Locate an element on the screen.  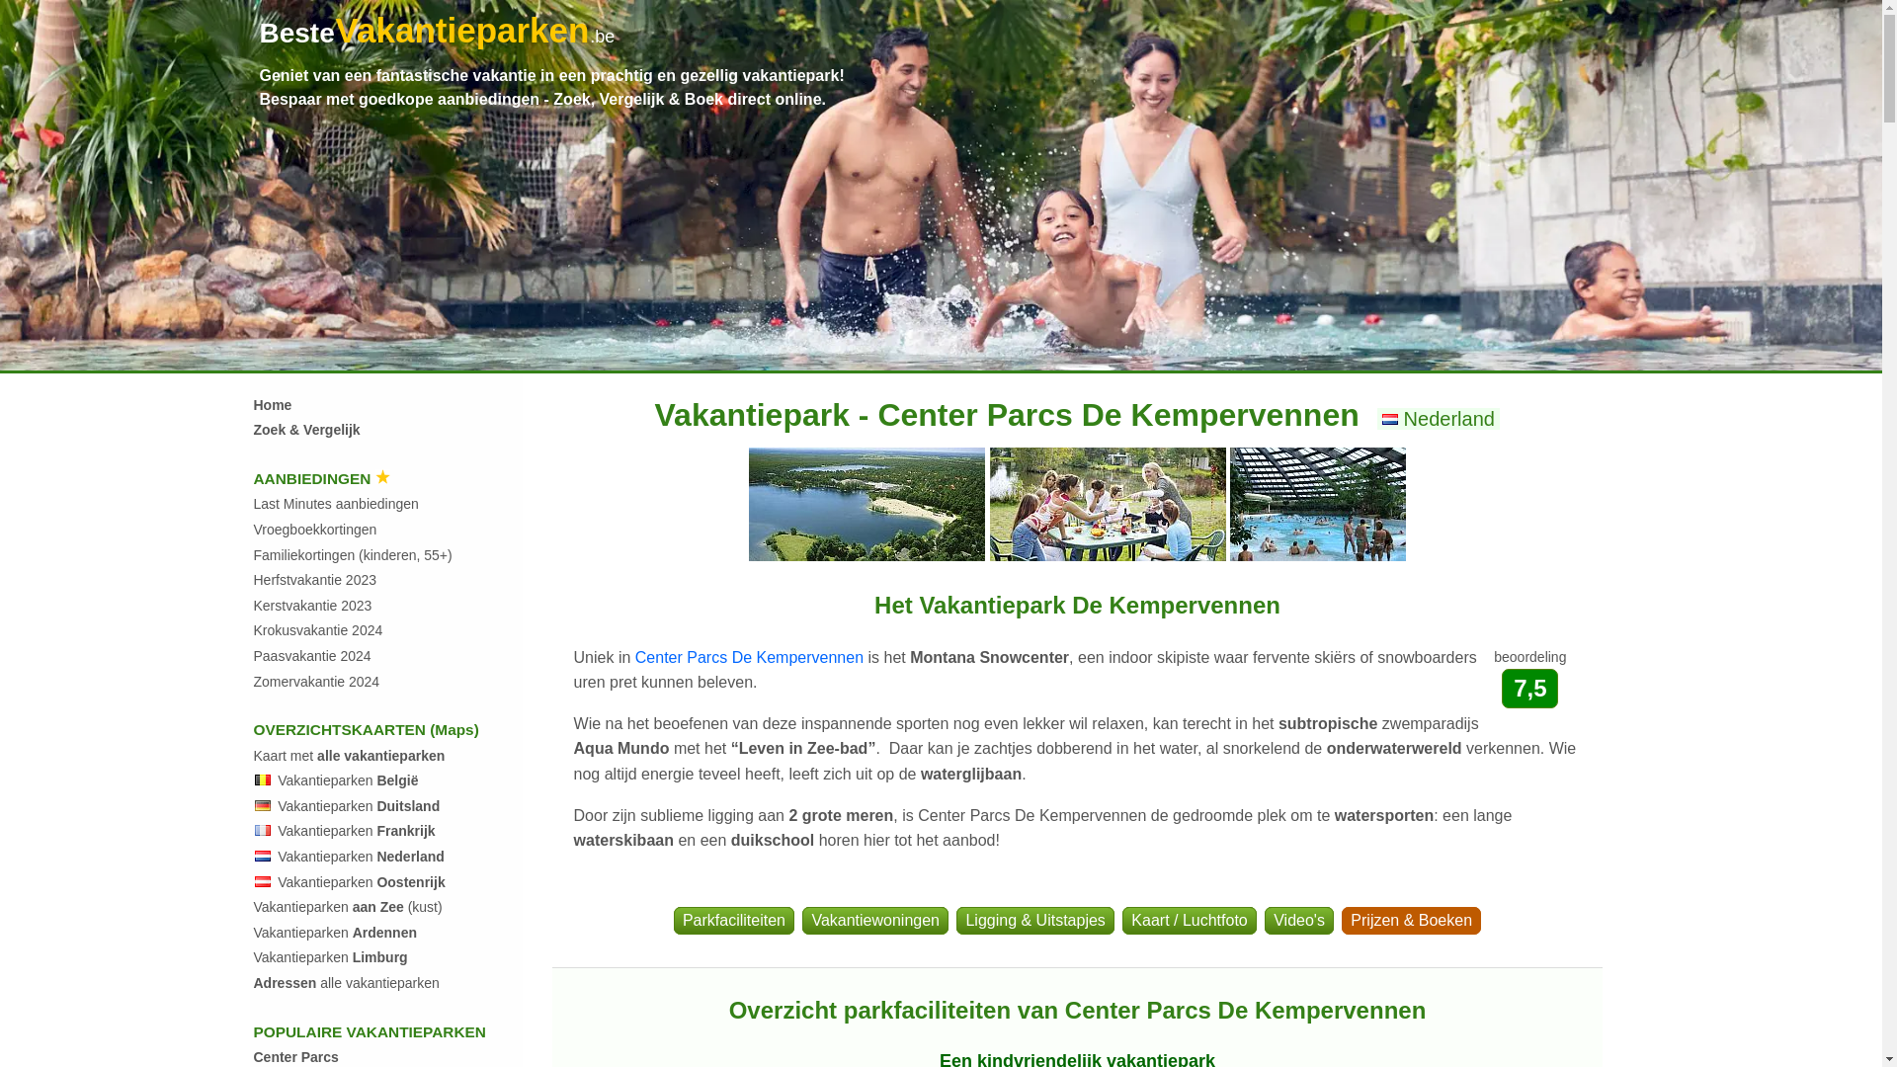
'Herfstvakantie 2023' is located at coordinates (251, 578).